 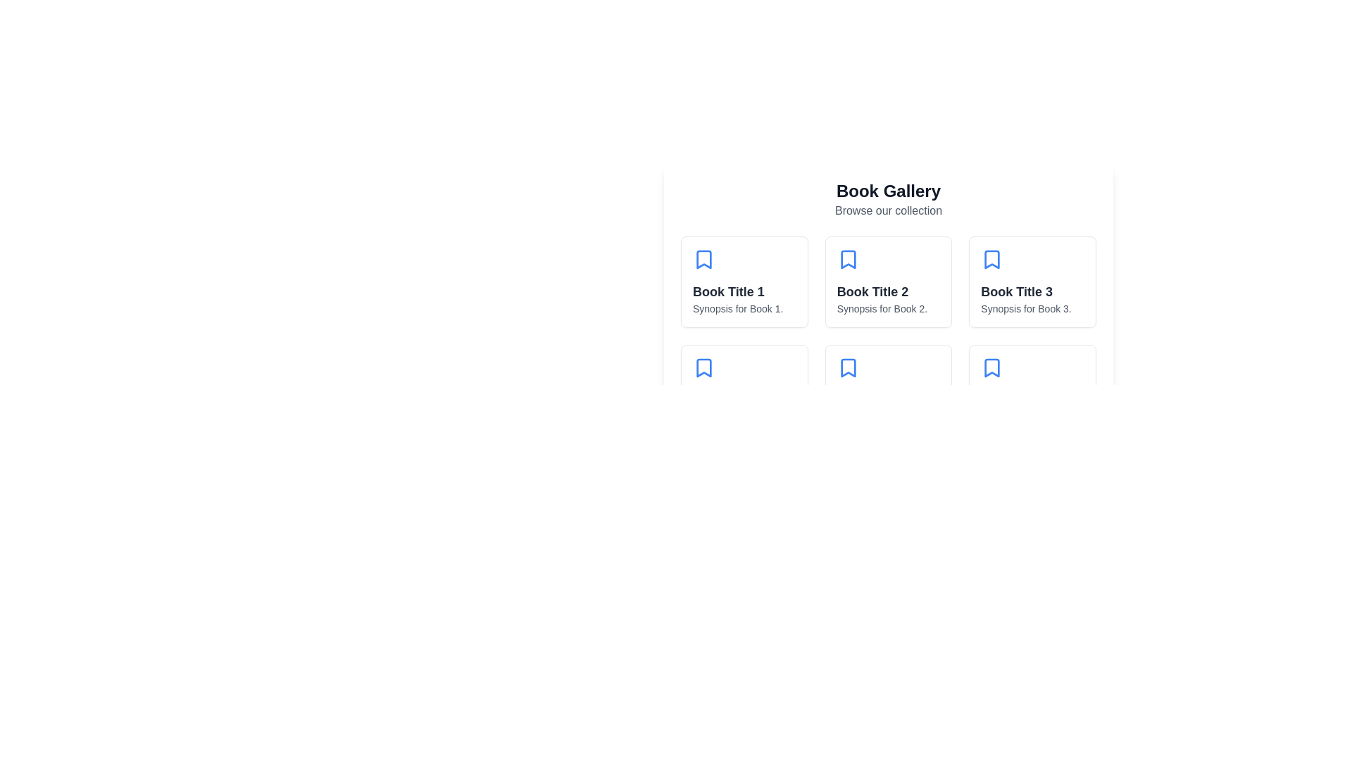 I want to click on the blue bookmark icon located at the top-left corner of the card for 'Book Title 6', which is situated in the bottom row of the grid layout, so click(x=991, y=367).